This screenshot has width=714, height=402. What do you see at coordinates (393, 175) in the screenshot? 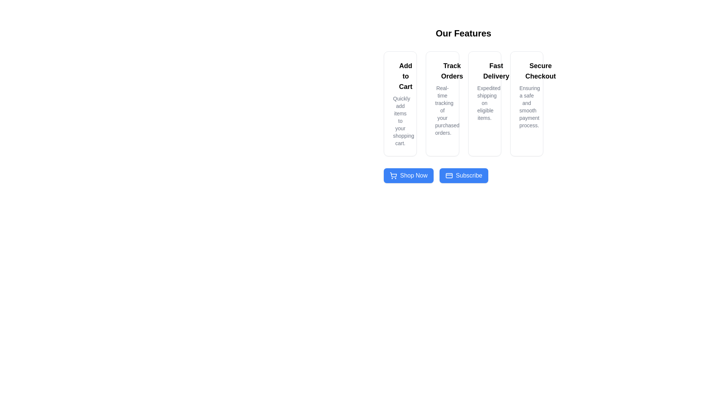
I see `the minimalistic line-art shopping cart icon with a white outline located on the left side of the 'Shop Now' button to initiate shopping actions` at bounding box center [393, 175].